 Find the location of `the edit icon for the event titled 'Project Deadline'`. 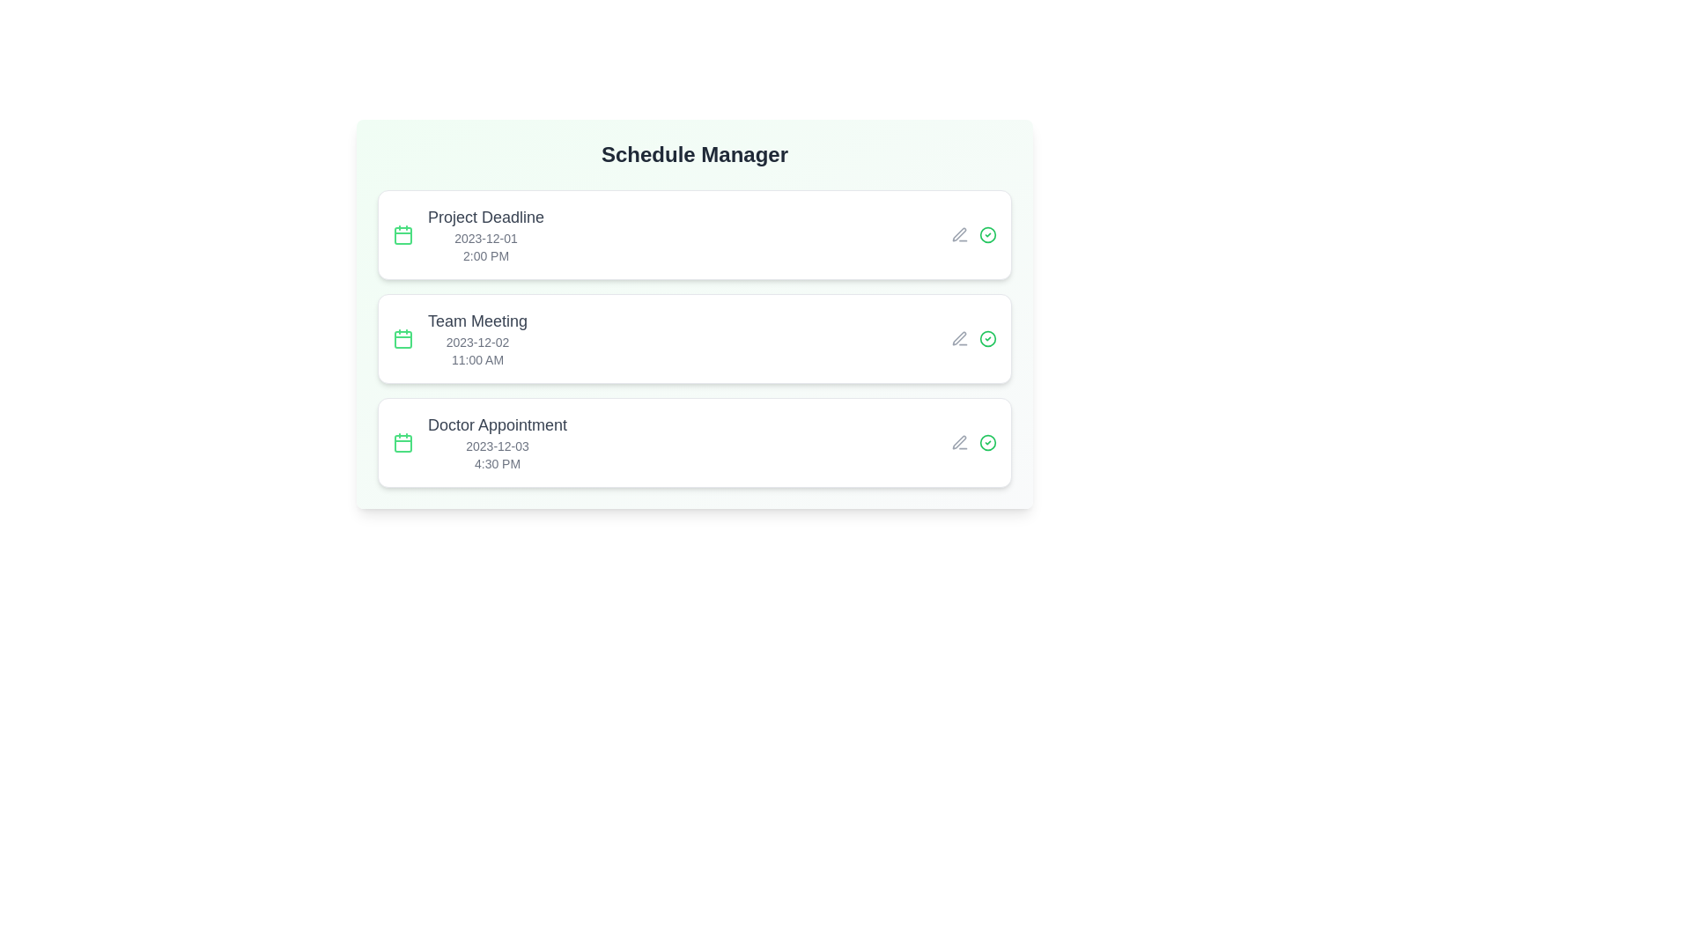

the edit icon for the event titled 'Project Deadline' is located at coordinates (958, 233).